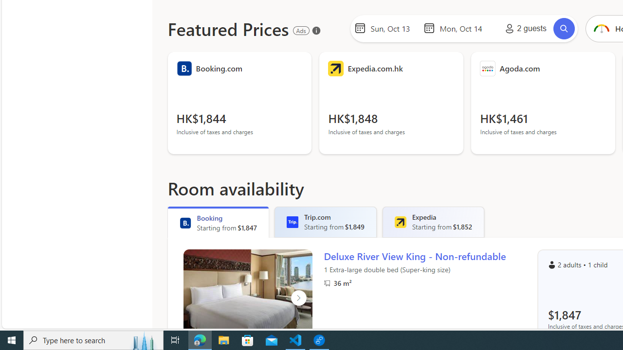 The image size is (623, 350). Describe the element at coordinates (523, 28) in the screenshot. I see `'2 guests'` at that location.